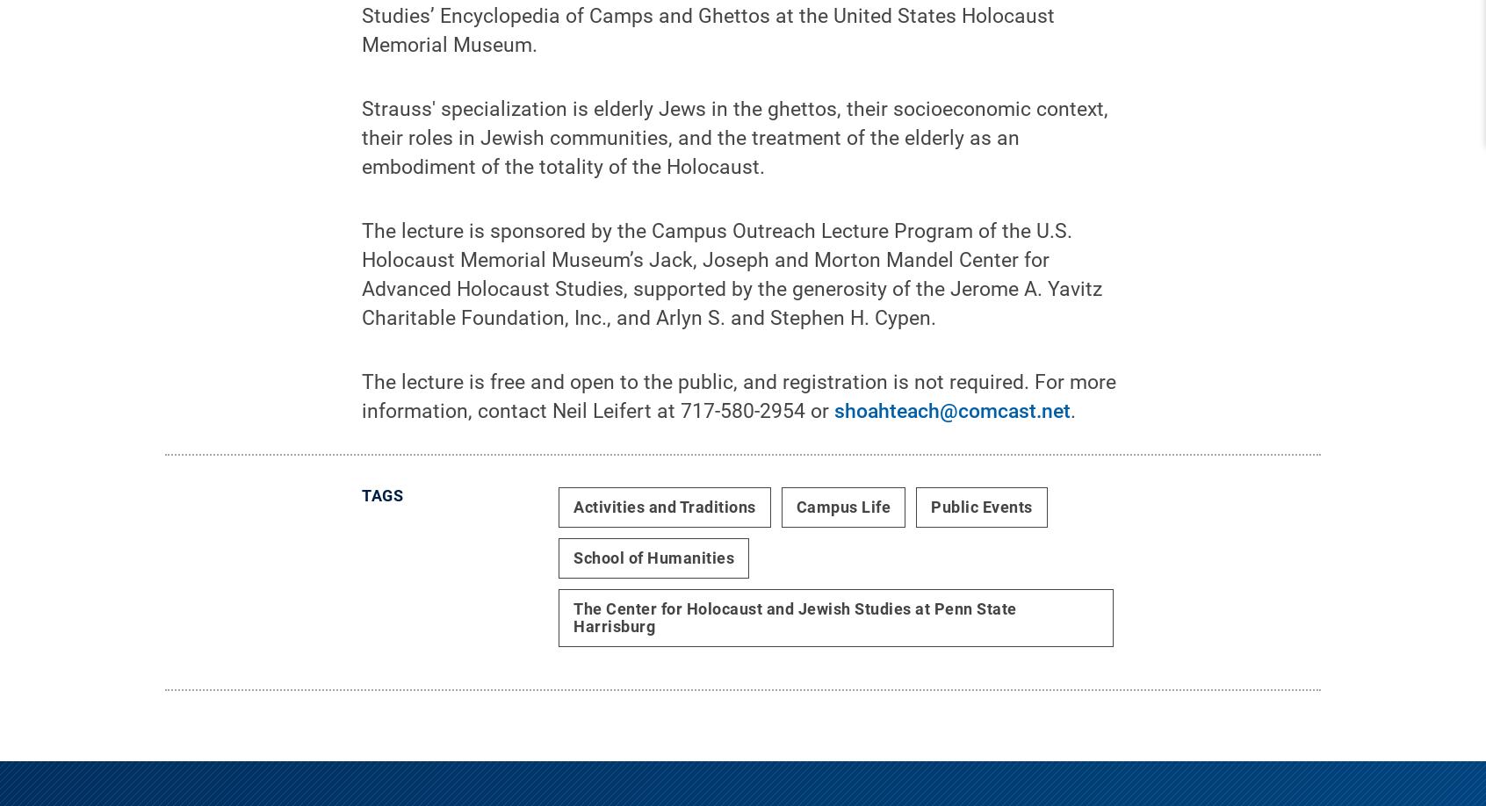 The height and width of the screenshot is (806, 1486). I want to click on 'shoahteach@comcast.net', so click(952, 424).